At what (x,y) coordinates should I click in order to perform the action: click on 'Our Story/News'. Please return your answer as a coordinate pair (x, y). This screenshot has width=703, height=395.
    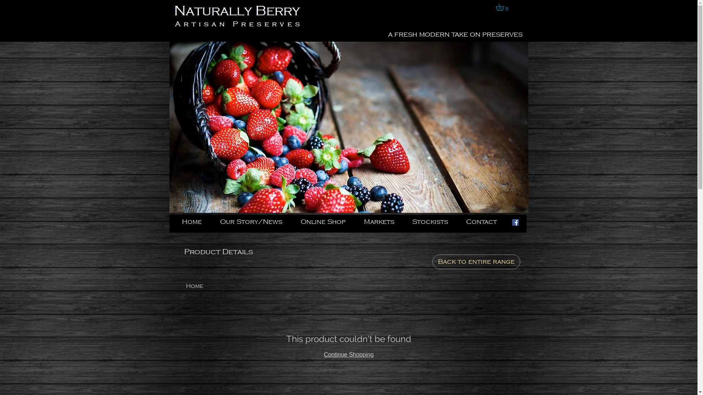
    Looking at the image, I should click on (214, 221).